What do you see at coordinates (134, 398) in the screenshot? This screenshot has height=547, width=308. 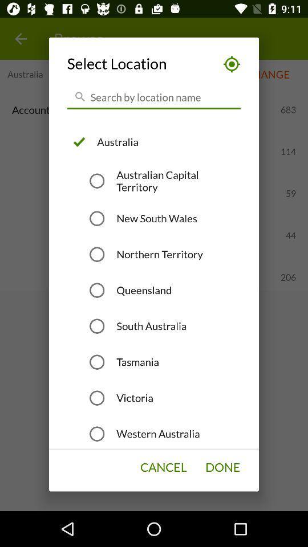 I see `the item above western australia` at bounding box center [134, 398].